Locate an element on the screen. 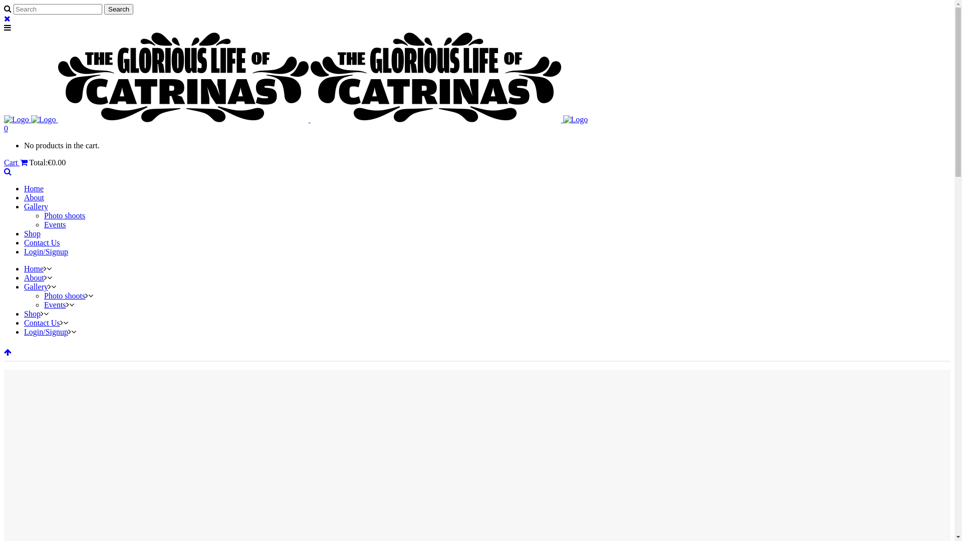 The width and height of the screenshot is (962, 541). 'Home' is located at coordinates (34, 188).